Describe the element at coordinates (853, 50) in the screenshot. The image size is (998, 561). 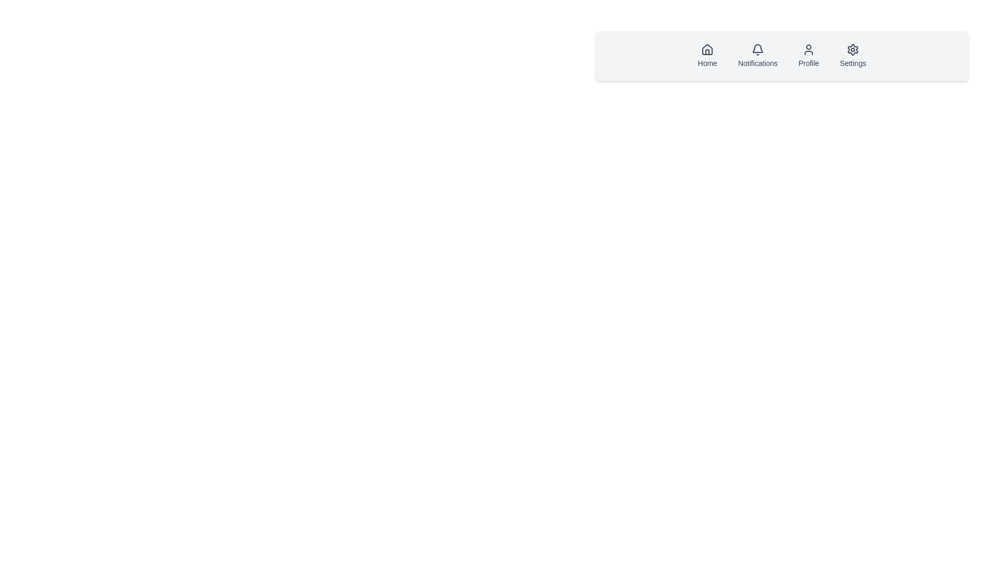
I see `the Settings icon located in the top-right corner of the navigation bar, which is the last icon in a row of navigation items` at that location.